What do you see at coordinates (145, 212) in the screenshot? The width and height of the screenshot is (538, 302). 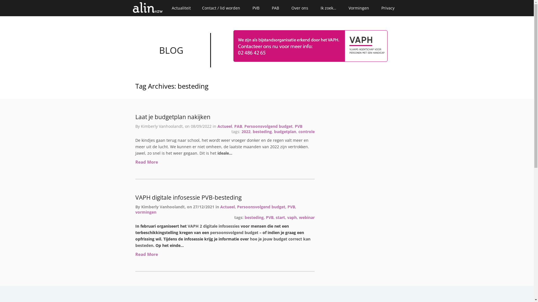 I see `'vormingen'` at bounding box center [145, 212].